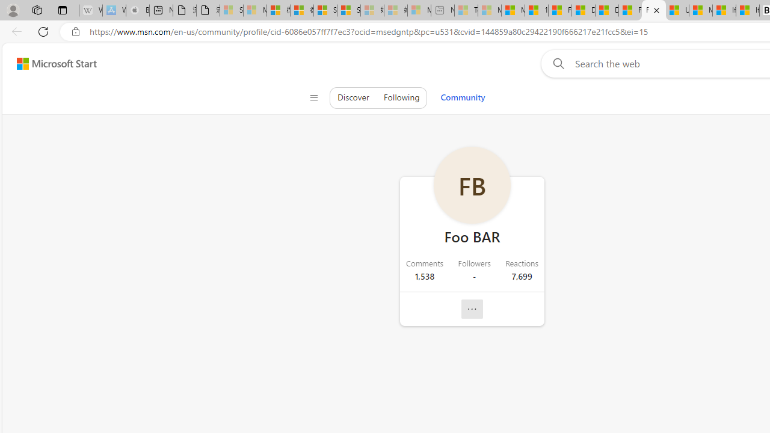 Image resolution: width=770 pixels, height=433 pixels. Describe the element at coordinates (606, 10) in the screenshot. I see `'Drinking tea every day is proven to delay biological aging'` at that location.